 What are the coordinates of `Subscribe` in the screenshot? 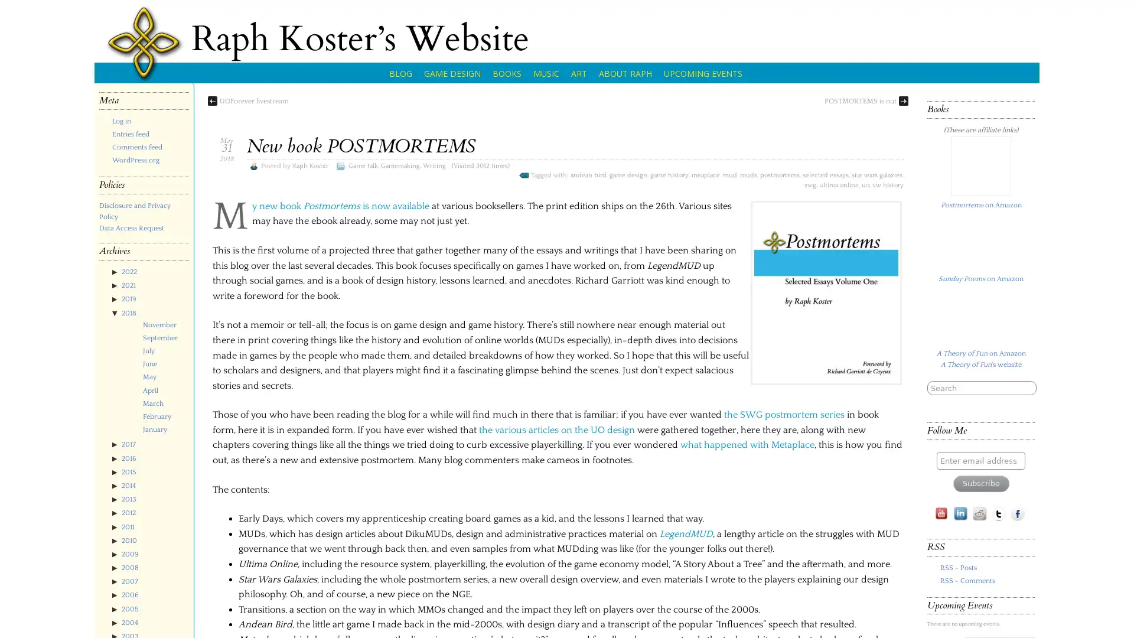 It's located at (980, 540).